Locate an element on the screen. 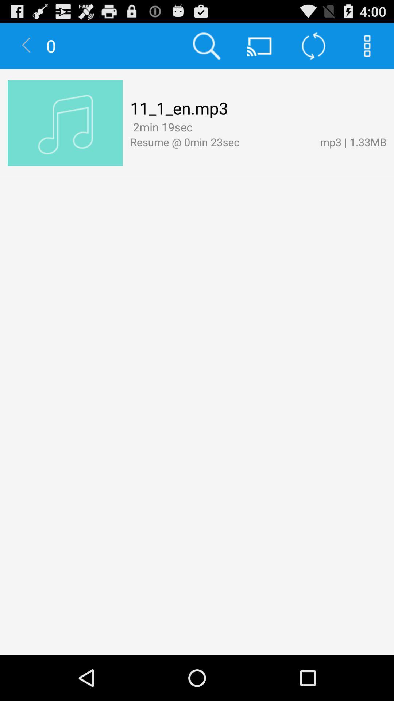  the icon below the 11_1_en.mp3 icon is located at coordinates (161, 127).